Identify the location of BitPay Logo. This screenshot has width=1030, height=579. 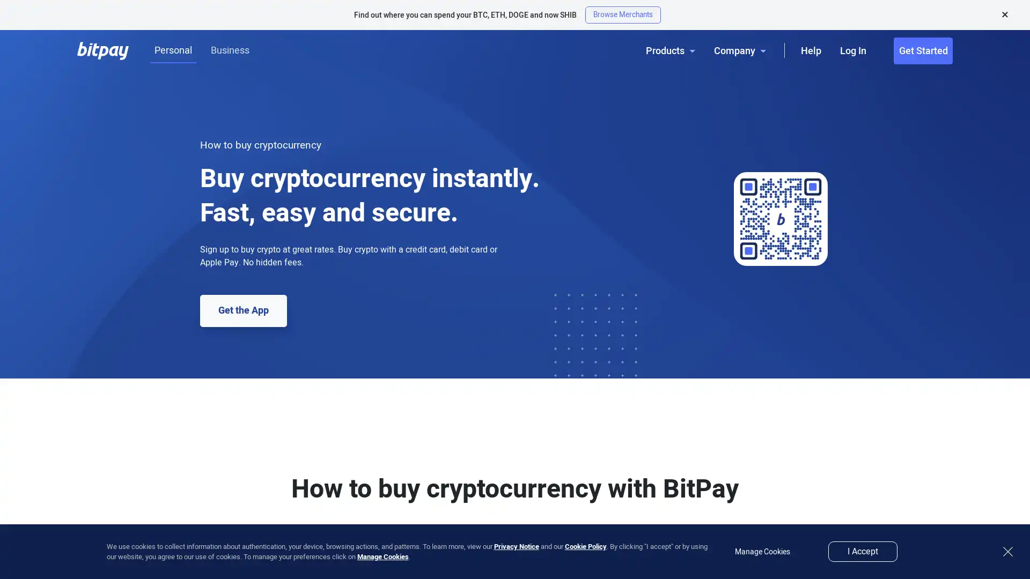
(103, 50).